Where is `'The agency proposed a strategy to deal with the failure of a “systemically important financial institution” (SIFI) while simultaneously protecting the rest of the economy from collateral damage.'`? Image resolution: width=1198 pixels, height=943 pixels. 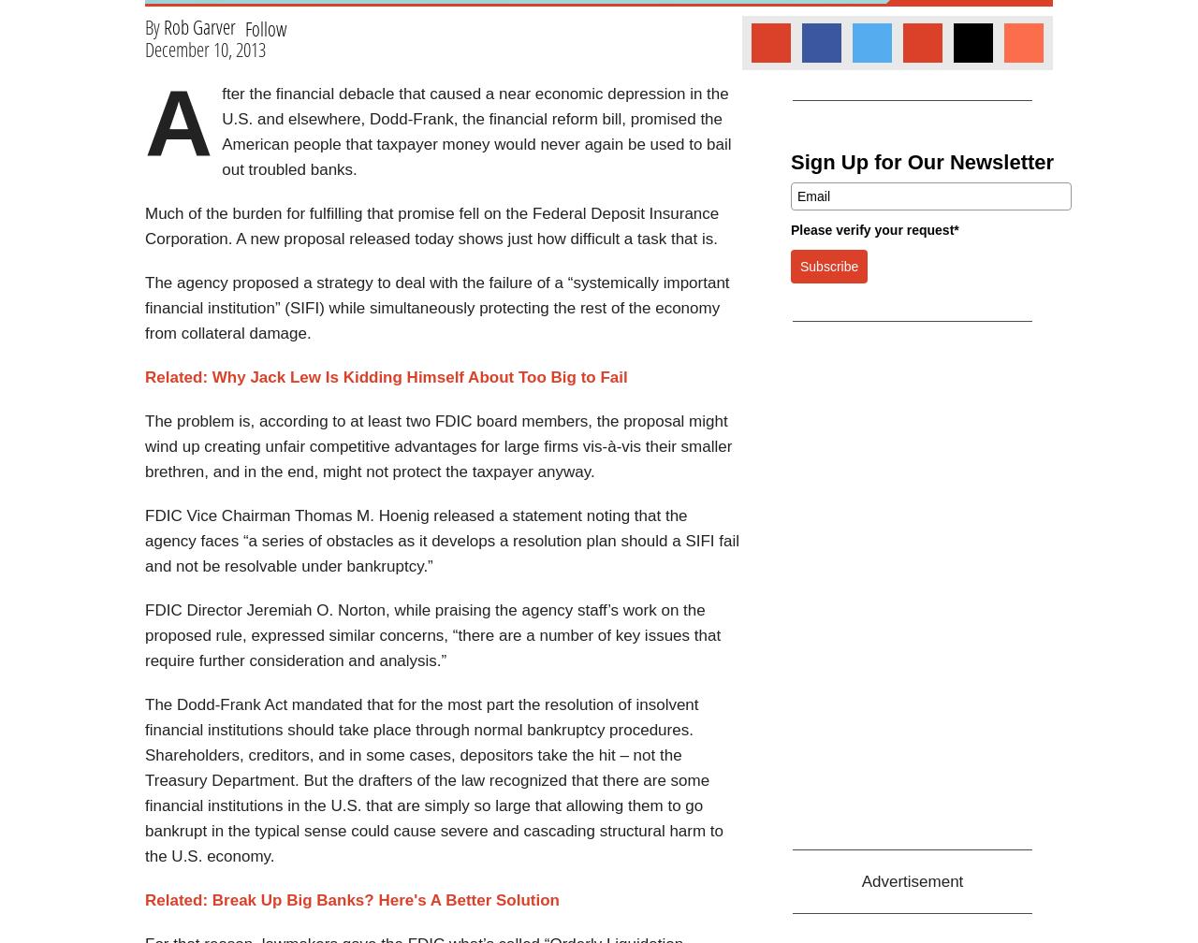 'The agency proposed a strategy to deal with the failure of a “systemically important financial institution” (SIFI) while simultaneously protecting the rest of the economy from collateral damage.' is located at coordinates (435, 308).